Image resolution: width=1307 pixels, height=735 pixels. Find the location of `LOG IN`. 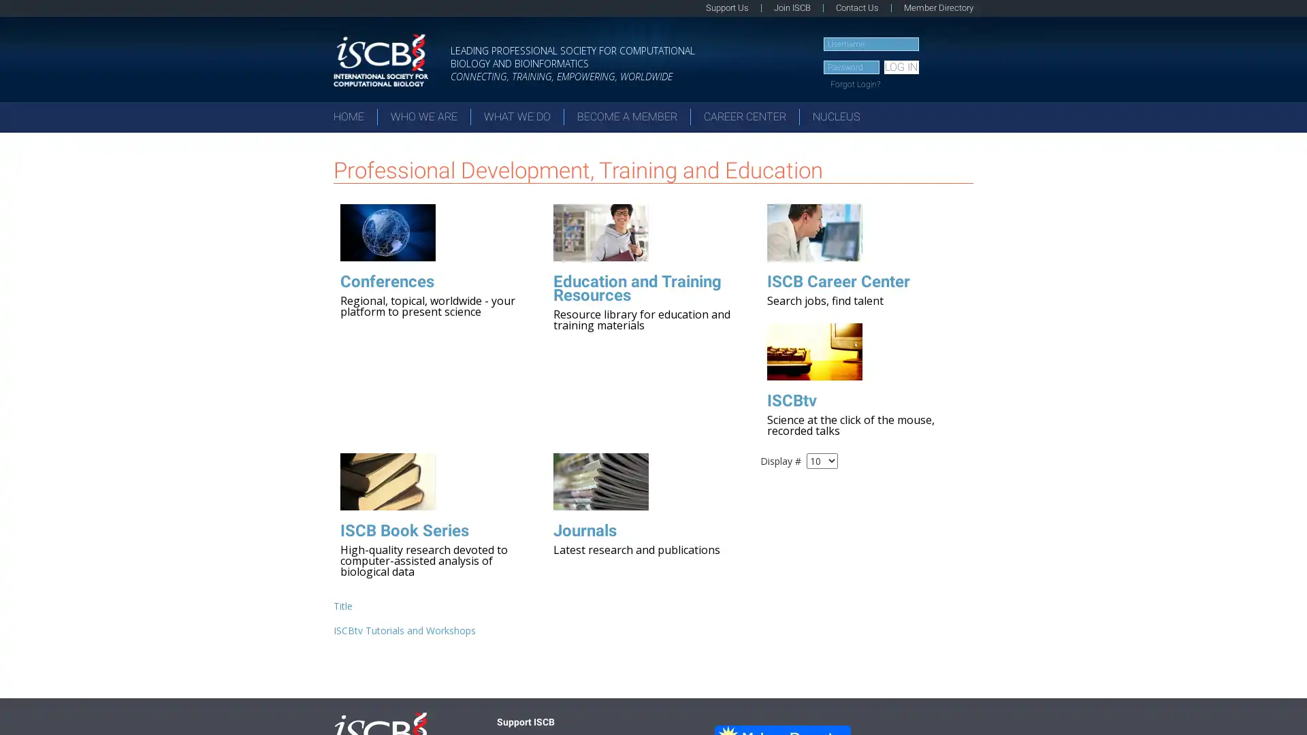

LOG IN is located at coordinates (901, 67).